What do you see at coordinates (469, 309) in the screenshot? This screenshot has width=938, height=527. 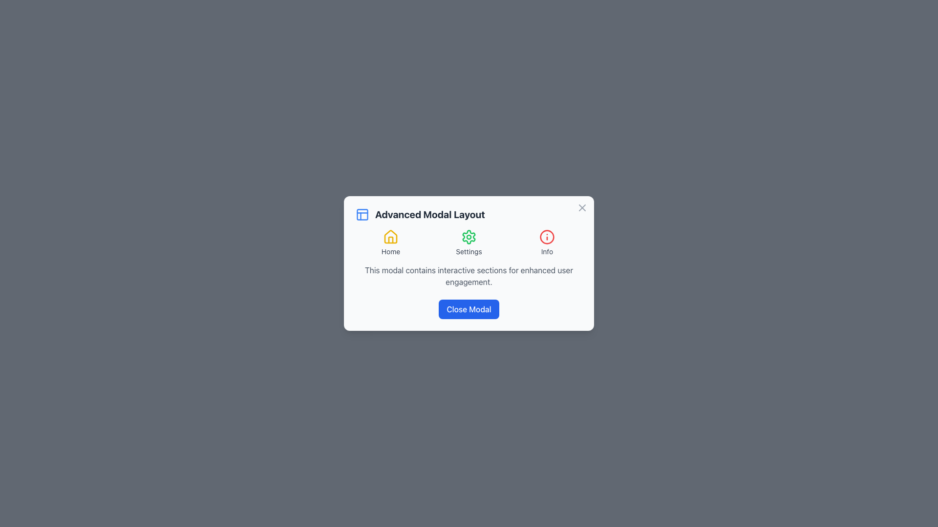 I see `the close button located at the bottom center of the modal window` at bounding box center [469, 309].